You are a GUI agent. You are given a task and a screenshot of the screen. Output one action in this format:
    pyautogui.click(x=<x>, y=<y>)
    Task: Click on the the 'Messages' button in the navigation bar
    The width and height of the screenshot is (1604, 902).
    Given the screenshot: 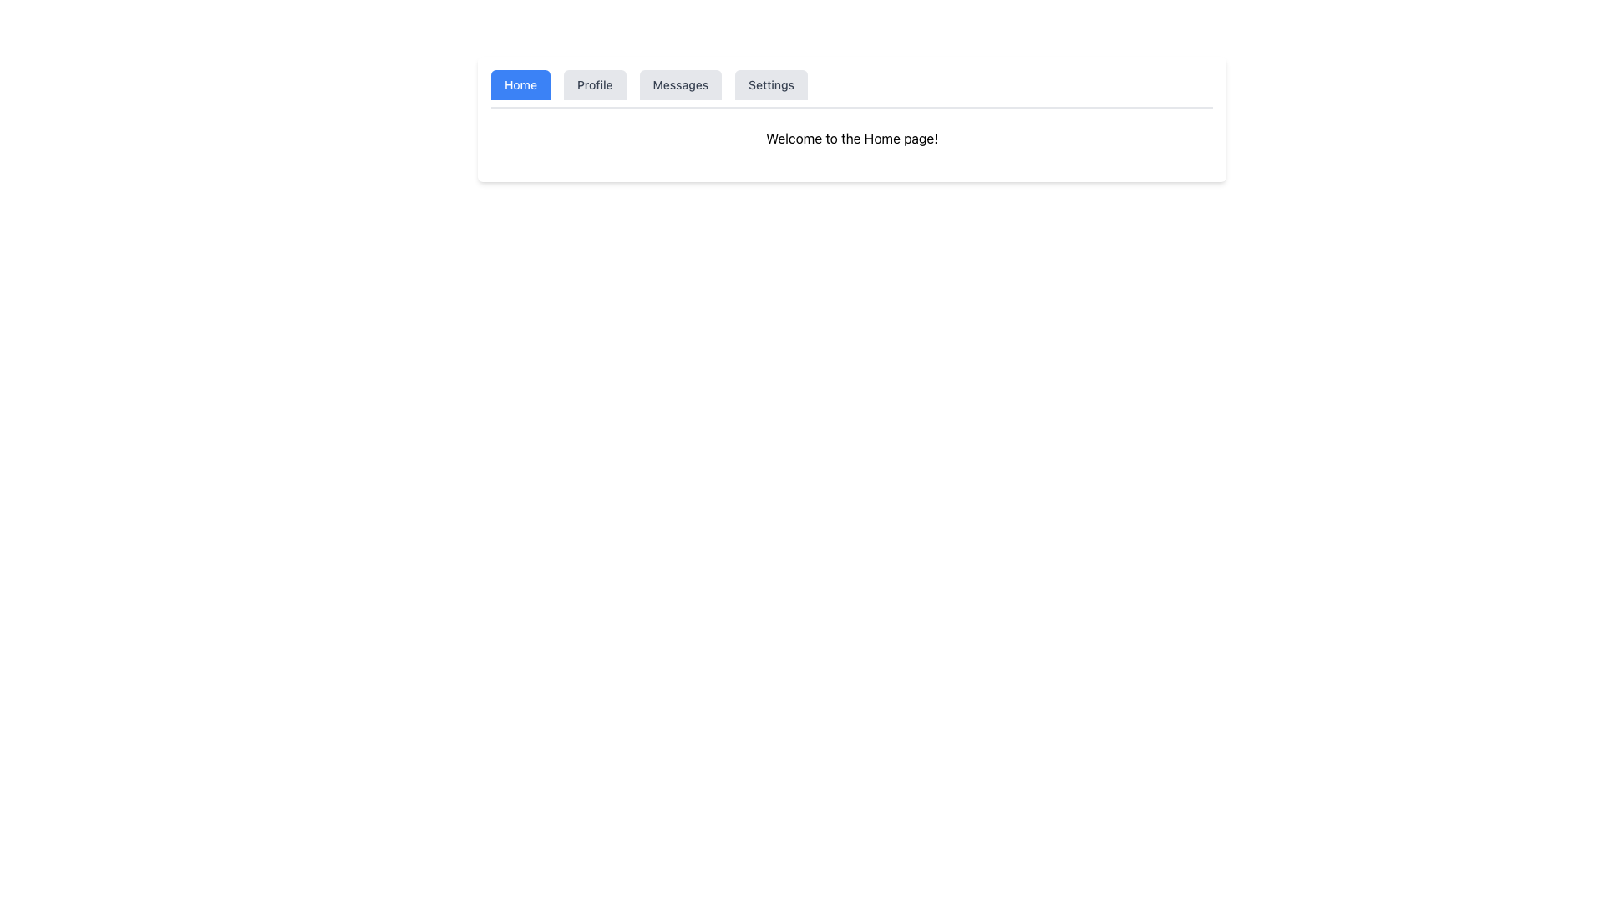 What is the action you would take?
    pyautogui.click(x=680, y=84)
    